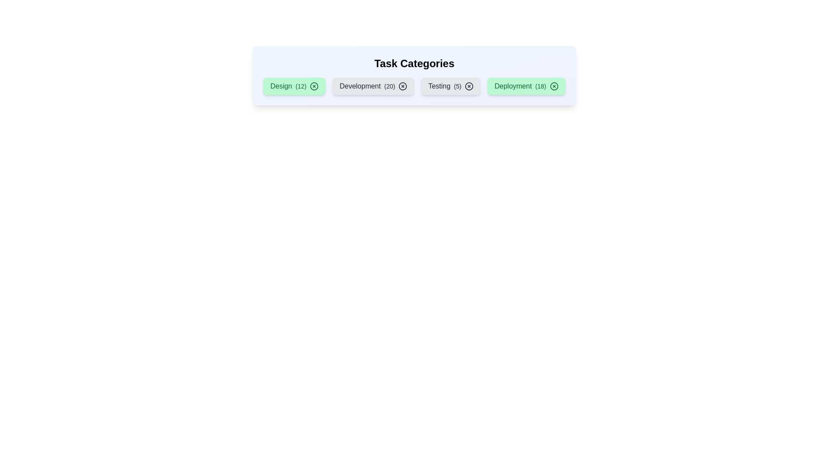  Describe the element at coordinates (451, 86) in the screenshot. I see `the chip labeled Testing` at that location.